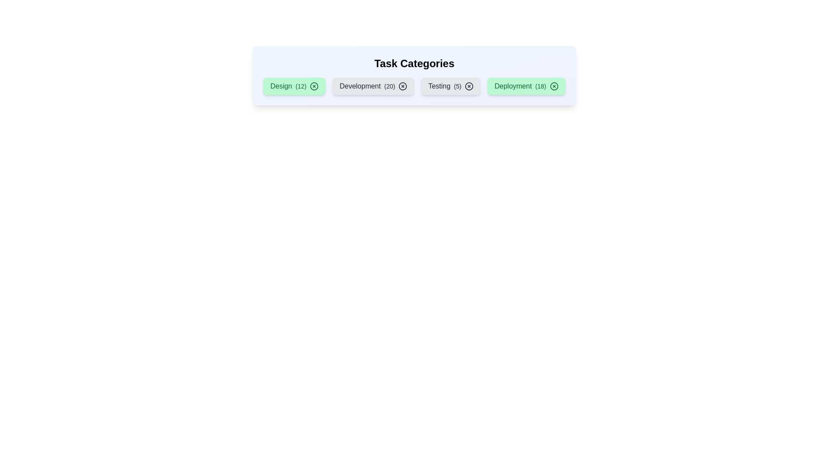  Describe the element at coordinates (451, 86) in the screenshot. I see `the chip labeled Testing` at that location.